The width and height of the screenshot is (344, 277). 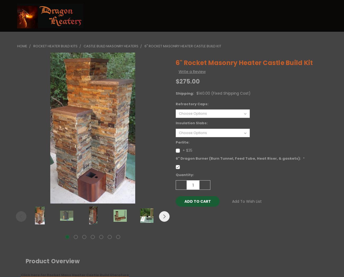 I want to click on '. You can use stone or steel. Depending on the stone you may want to consider still using some a ceramic blanket pad to shield the stone from the most intense heat it will reduce thermal stress on any decorative materials used, although it will do so at the expense of reducing the surface temperature. Some users want to keep it hot for emergency cooking.', so click(x=175, y=26).